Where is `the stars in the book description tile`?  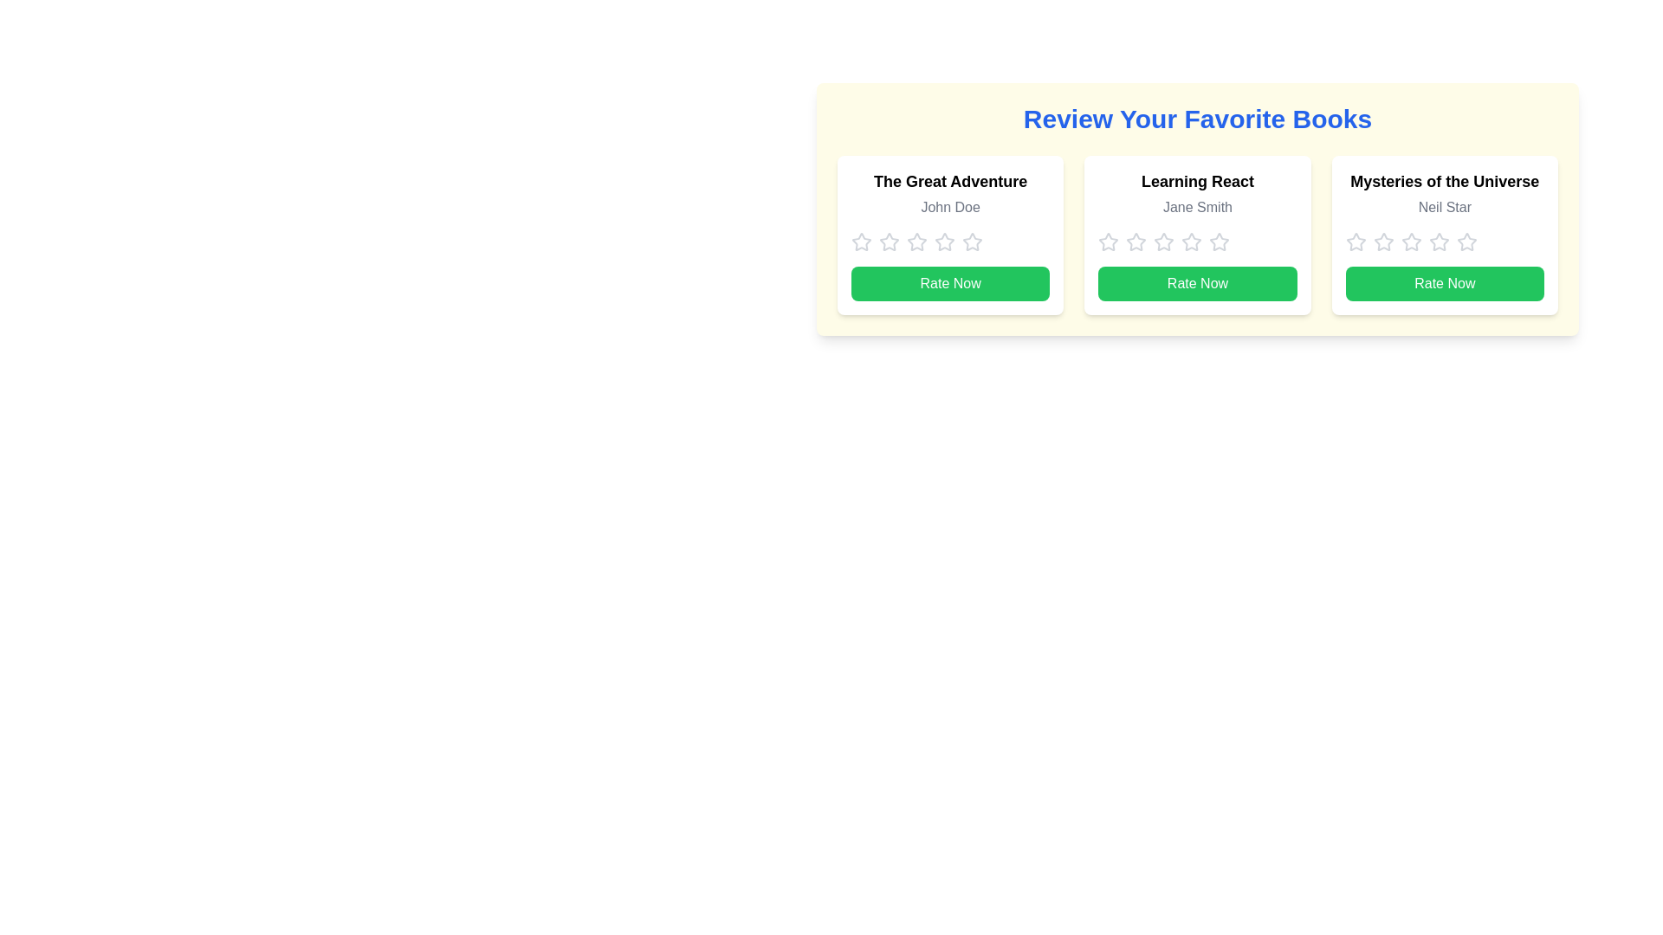 the stars in the book description tile is located at coordinates (1196, 235).